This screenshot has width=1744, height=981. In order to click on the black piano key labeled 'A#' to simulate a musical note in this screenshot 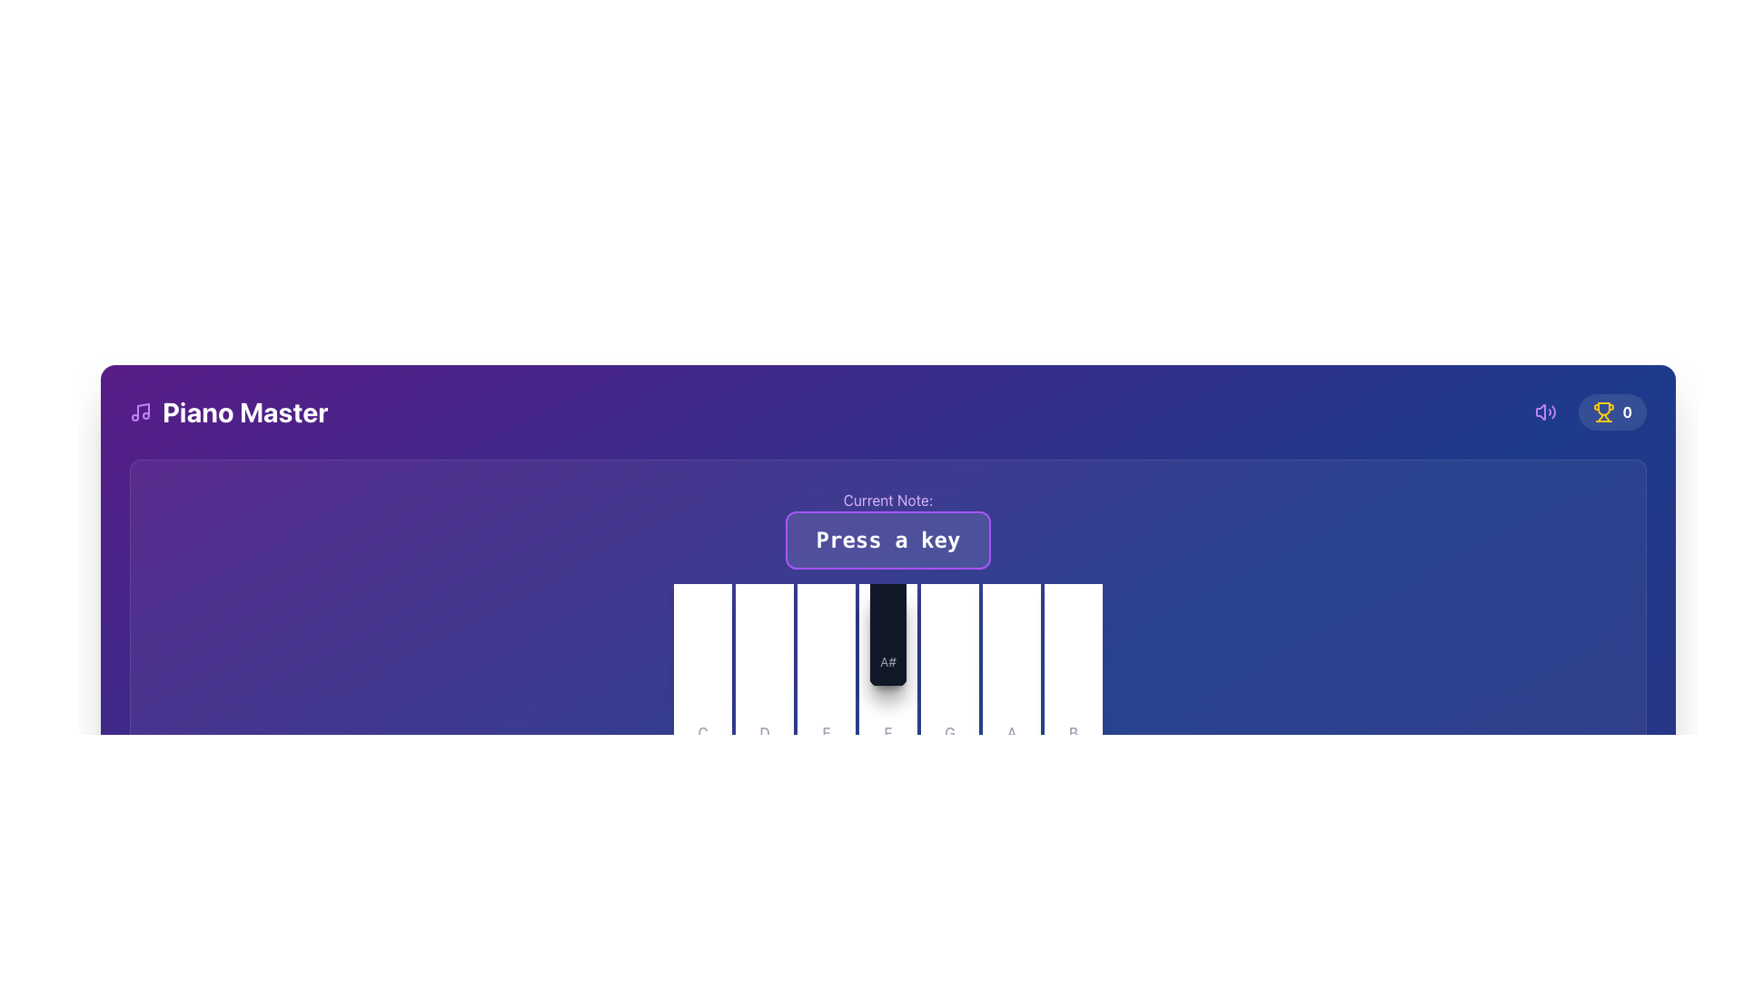, I will do `click(888, 671)`.